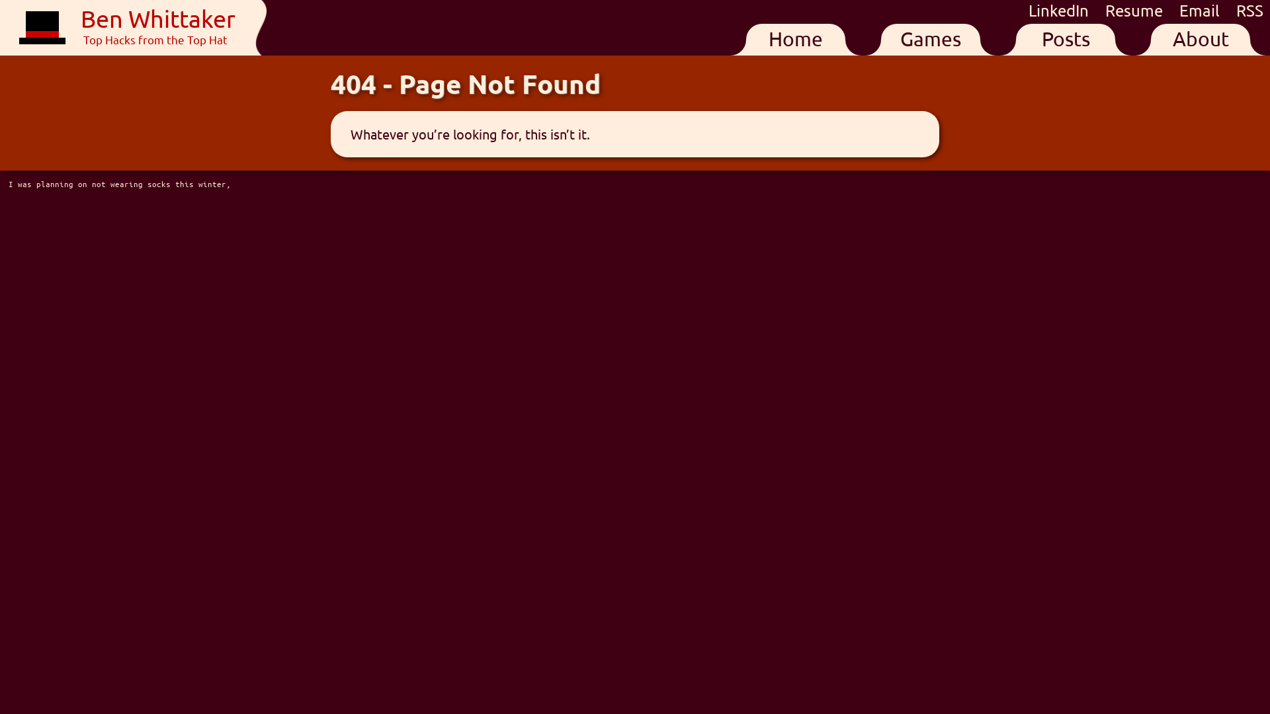 This screenshot has width=1270, height=714. I want to click on 'Home', so click(795, 39).